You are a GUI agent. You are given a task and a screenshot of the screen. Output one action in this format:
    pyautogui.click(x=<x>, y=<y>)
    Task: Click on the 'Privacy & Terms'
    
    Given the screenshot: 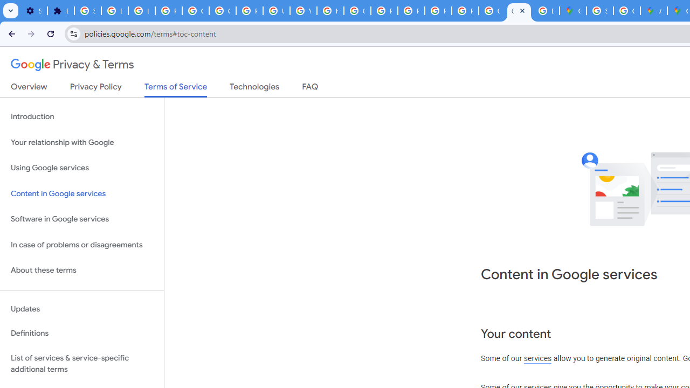 What is the action you would take?
    pyautogui.click(x=72, y=65)
    